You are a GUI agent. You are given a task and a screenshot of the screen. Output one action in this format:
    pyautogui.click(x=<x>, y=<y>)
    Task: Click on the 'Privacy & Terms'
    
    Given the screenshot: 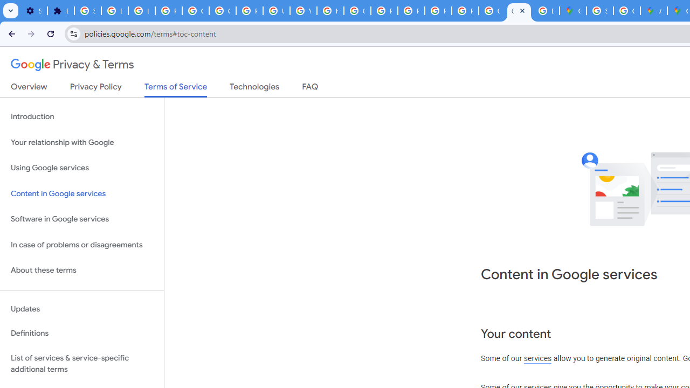 What is the action you would take?
    pyautogui.click(x=72, y=65)
    